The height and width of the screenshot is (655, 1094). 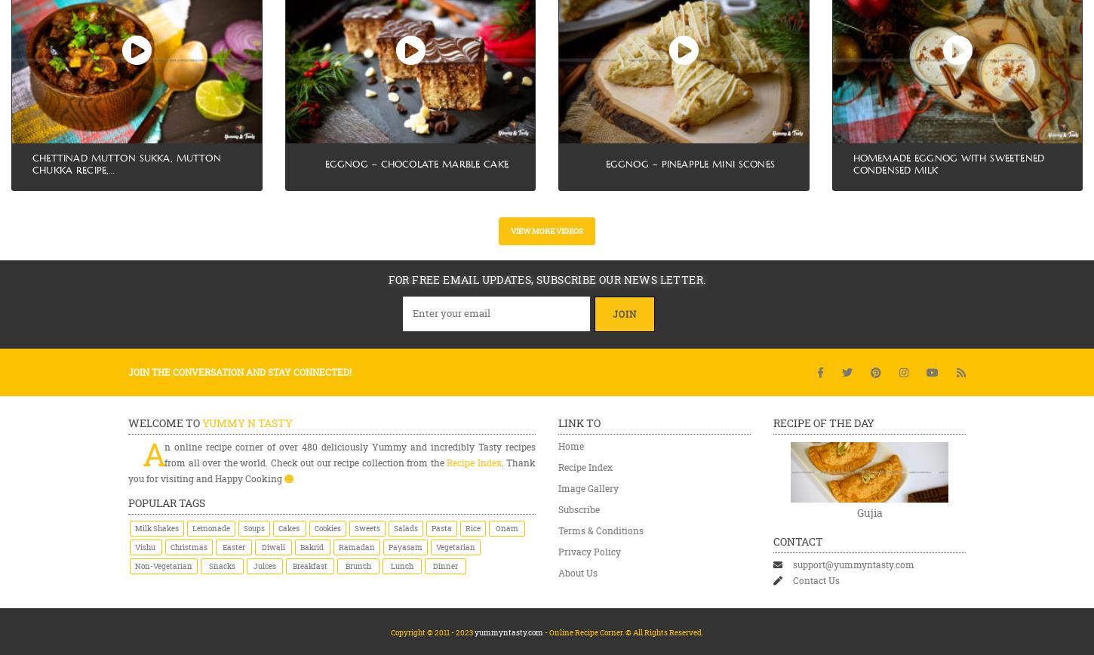 I want to click on 'Recipe of the Day', so click(x=822, y=423).